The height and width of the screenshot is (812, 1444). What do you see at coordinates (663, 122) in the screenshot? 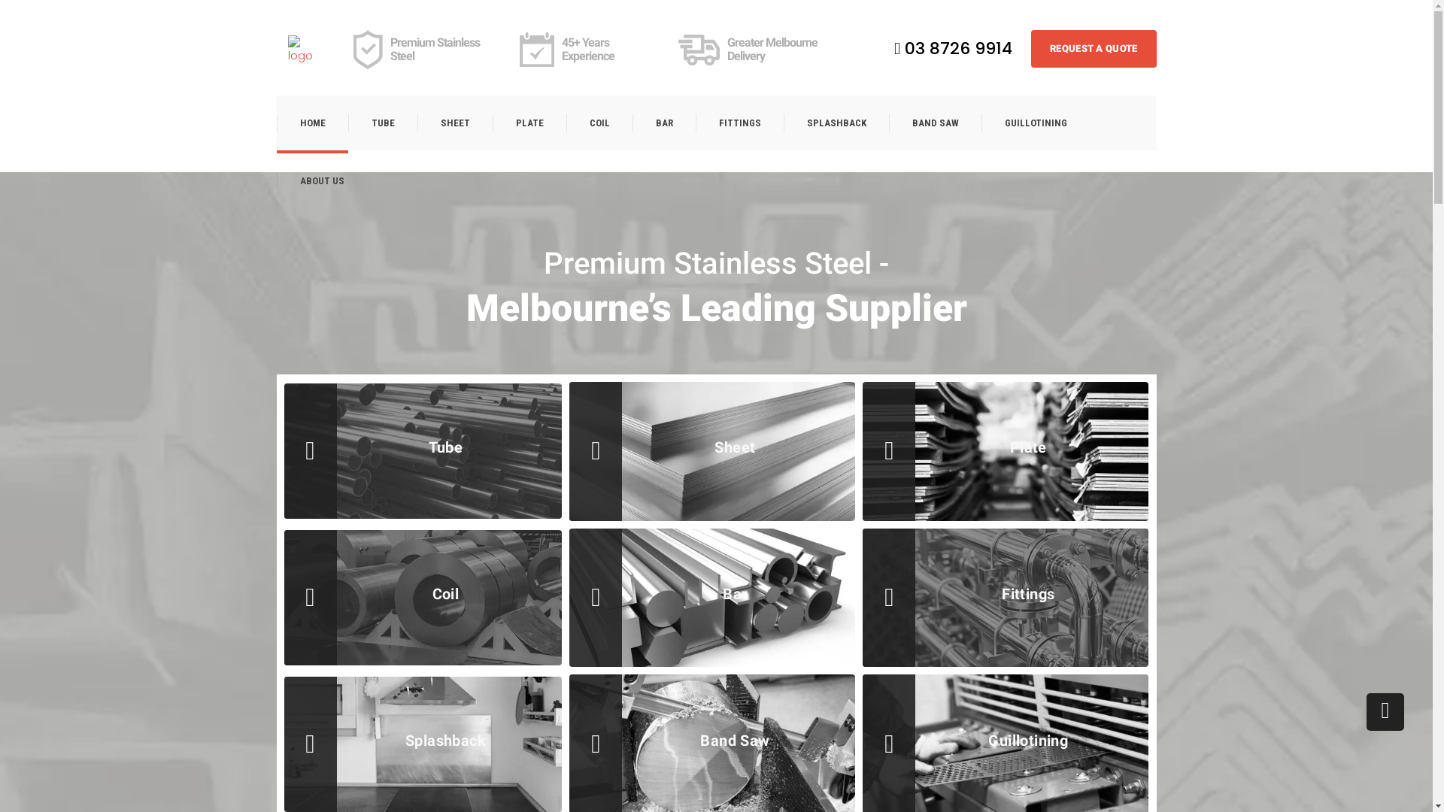
I see `'BAR'` at bounding box center [663, 122].